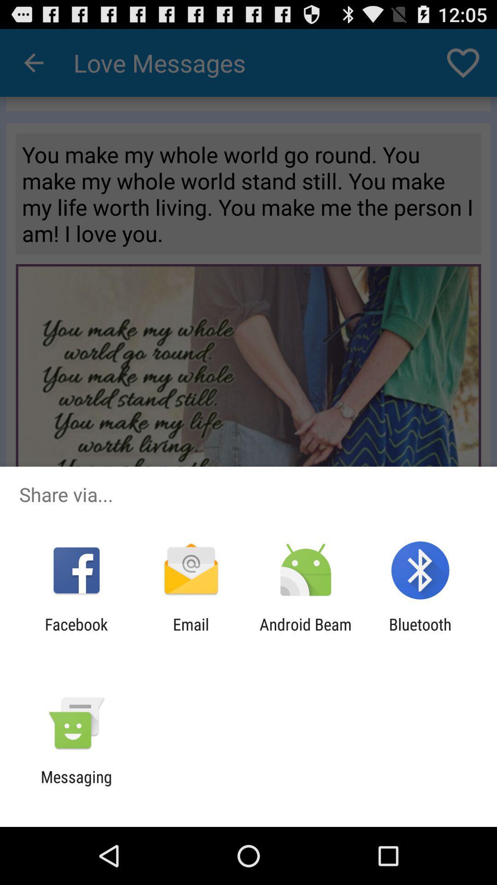 The width and height of the screenshot is (497, 885). Describe the element at coordinates (306, 633) in the screenshot. I see `item next to the email` at that location.